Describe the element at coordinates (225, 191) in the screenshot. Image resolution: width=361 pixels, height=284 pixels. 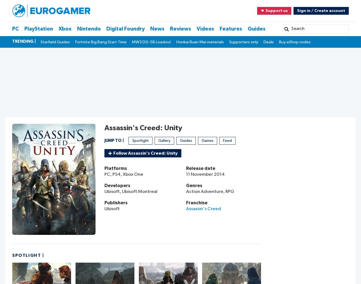
I see `'RPG'` at that location.